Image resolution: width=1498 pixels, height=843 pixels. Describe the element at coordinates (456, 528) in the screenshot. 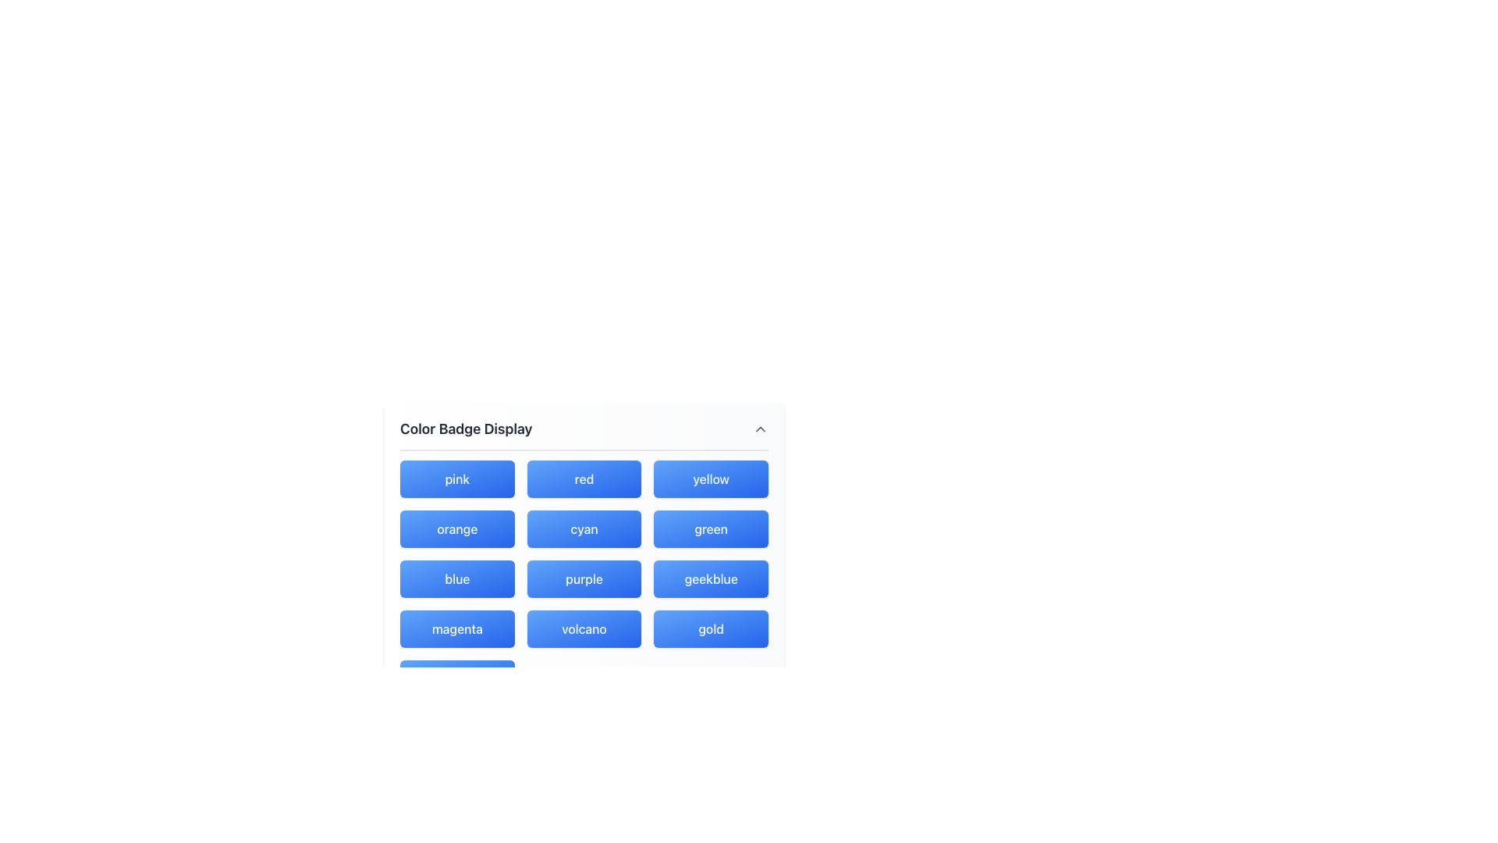

I see `text 'orange' from the display button labeled 'orange', which is located in the second row and first column of a grid layout` at that location.